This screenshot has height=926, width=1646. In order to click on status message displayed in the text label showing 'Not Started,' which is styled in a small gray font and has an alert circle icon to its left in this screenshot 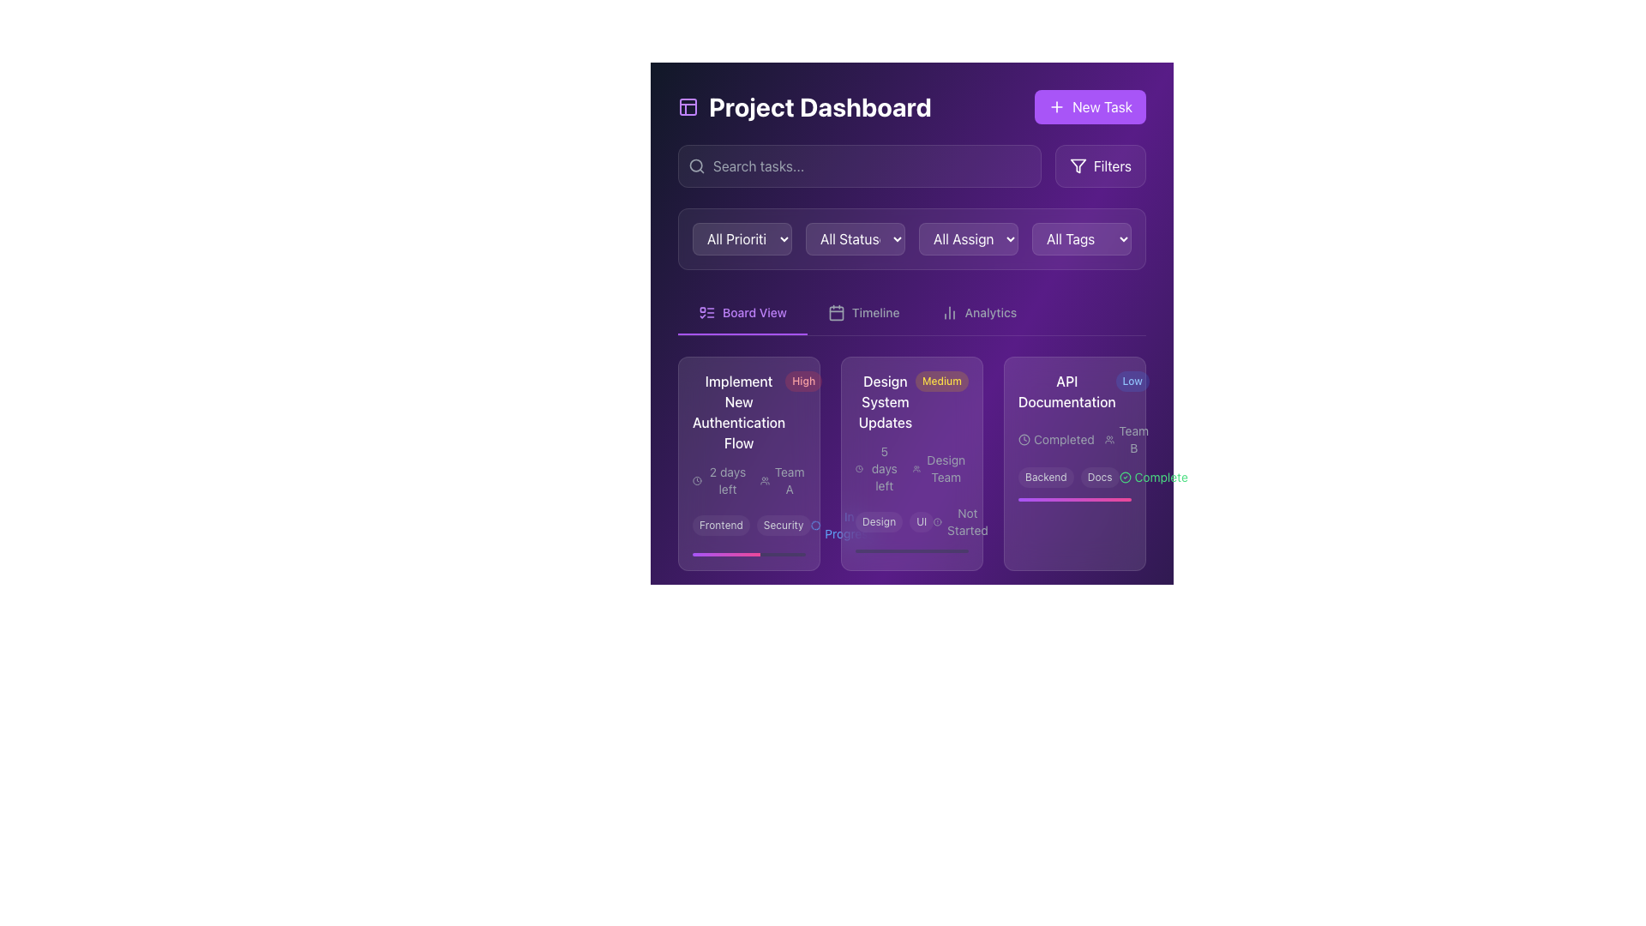, I will do `click(962, 521)`.